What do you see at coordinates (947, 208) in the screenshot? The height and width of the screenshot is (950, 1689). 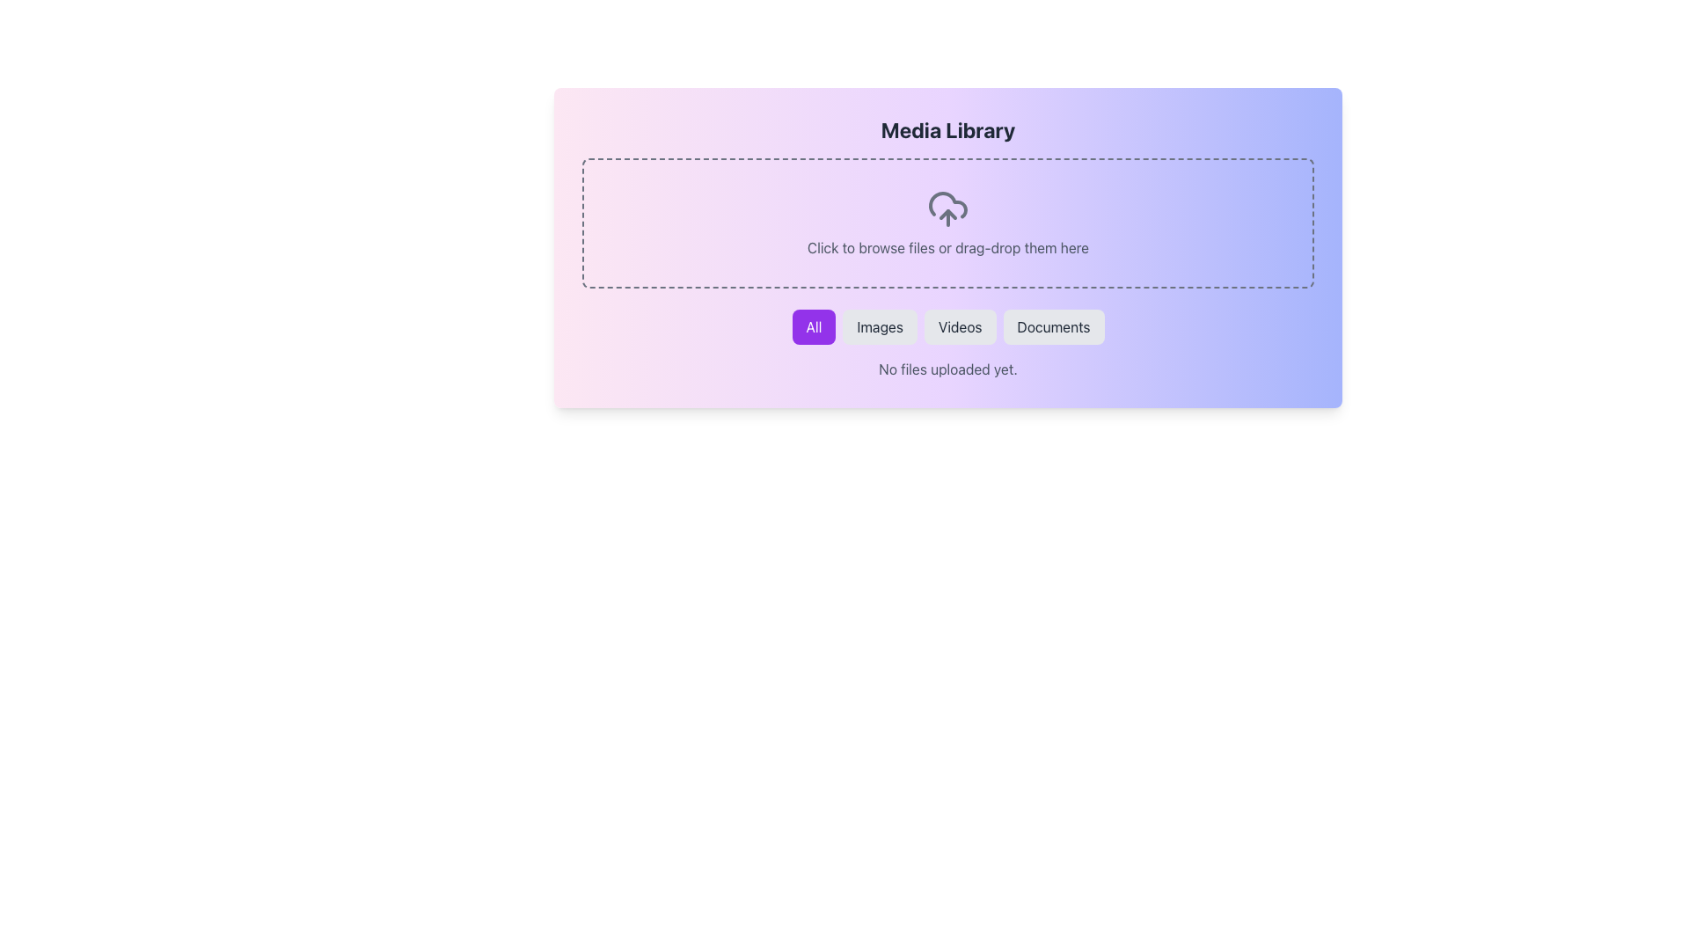 I see `the file upload icon located at the center of the dashed-bordered upload box, which has the text 'Click to browse files or drag-drop them here.'` at bounding box center [947, 208].